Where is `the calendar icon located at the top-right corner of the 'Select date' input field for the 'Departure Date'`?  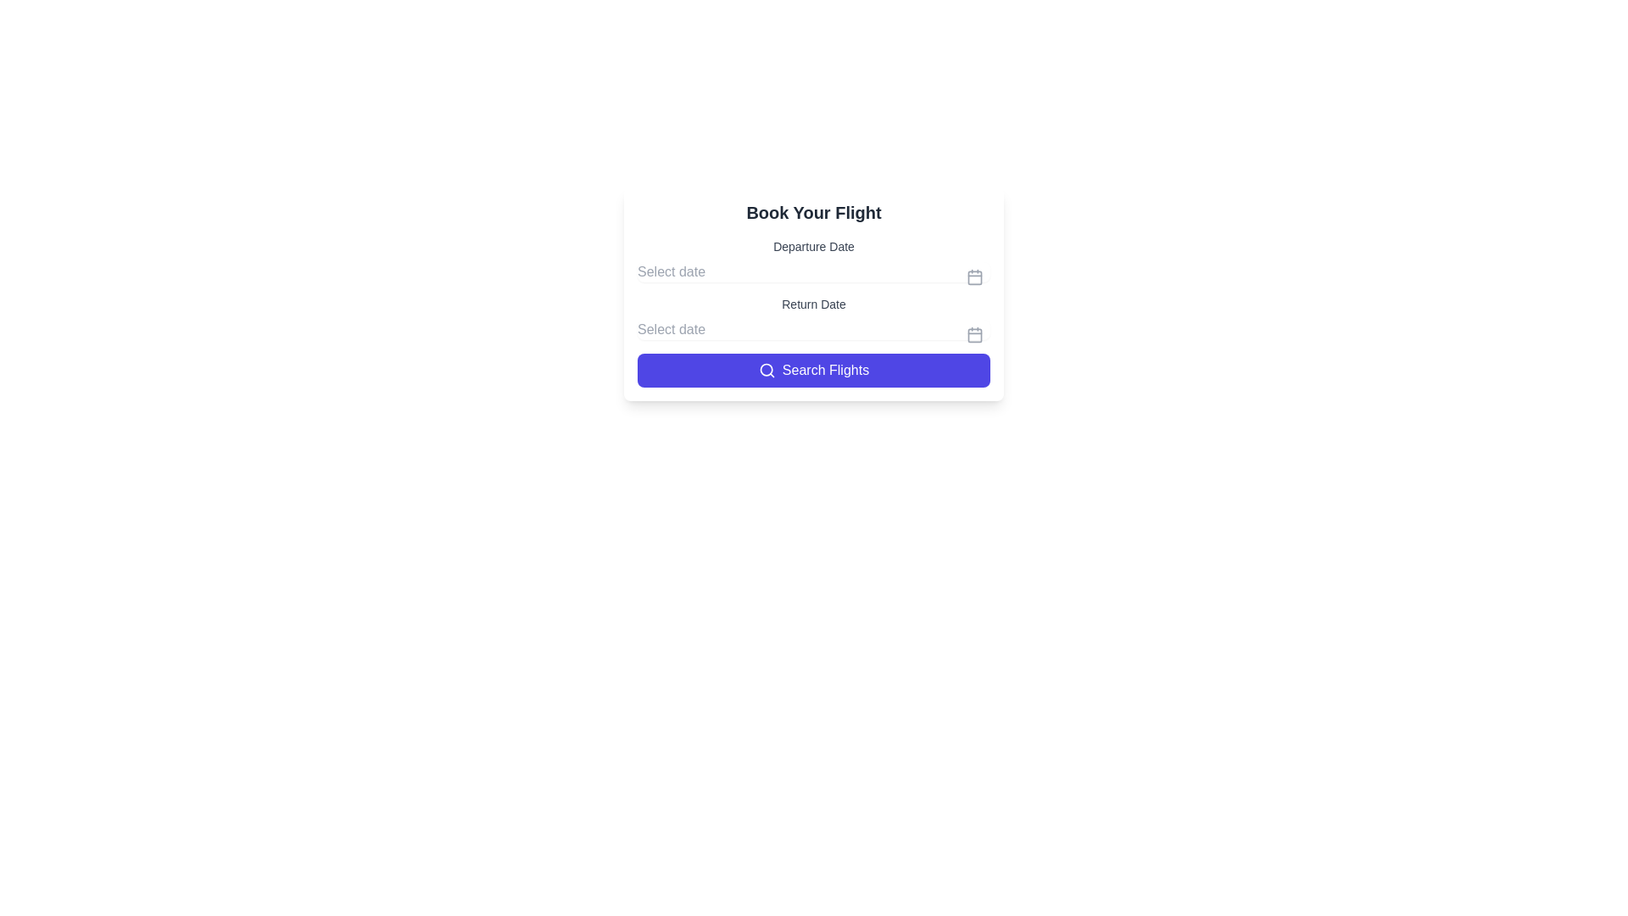 the calendar icon located at the top-right corner of the 'Select date' input field for the 'Departure Date' is located at coordinates (975, 276).